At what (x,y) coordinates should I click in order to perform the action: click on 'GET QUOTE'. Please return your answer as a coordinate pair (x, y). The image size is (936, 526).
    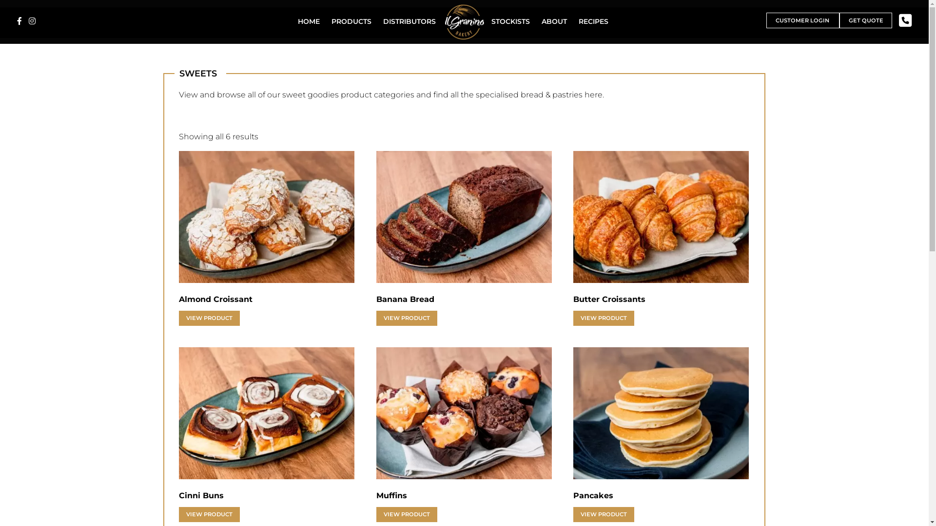
    Looking at the image, I should click on (866, 20).